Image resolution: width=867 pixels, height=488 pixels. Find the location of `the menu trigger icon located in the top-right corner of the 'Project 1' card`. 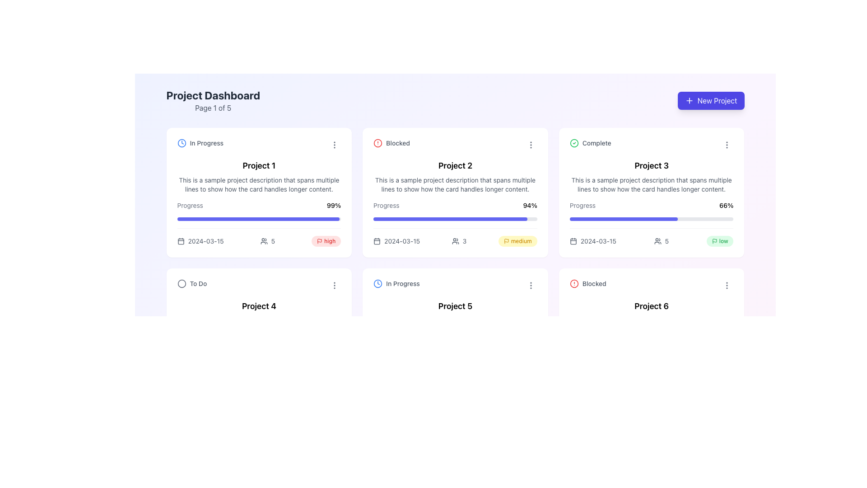

the menu trigger icon located in the top-right corner of the 'Project 1' card is located at coordinates (334, 144).